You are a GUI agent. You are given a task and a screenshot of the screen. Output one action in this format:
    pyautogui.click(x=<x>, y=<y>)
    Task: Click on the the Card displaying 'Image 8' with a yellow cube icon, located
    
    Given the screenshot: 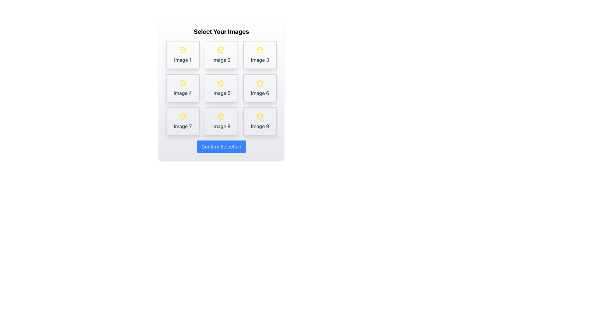 What is the action you would take?
    pyautogui.click(x=221, y=121)
    